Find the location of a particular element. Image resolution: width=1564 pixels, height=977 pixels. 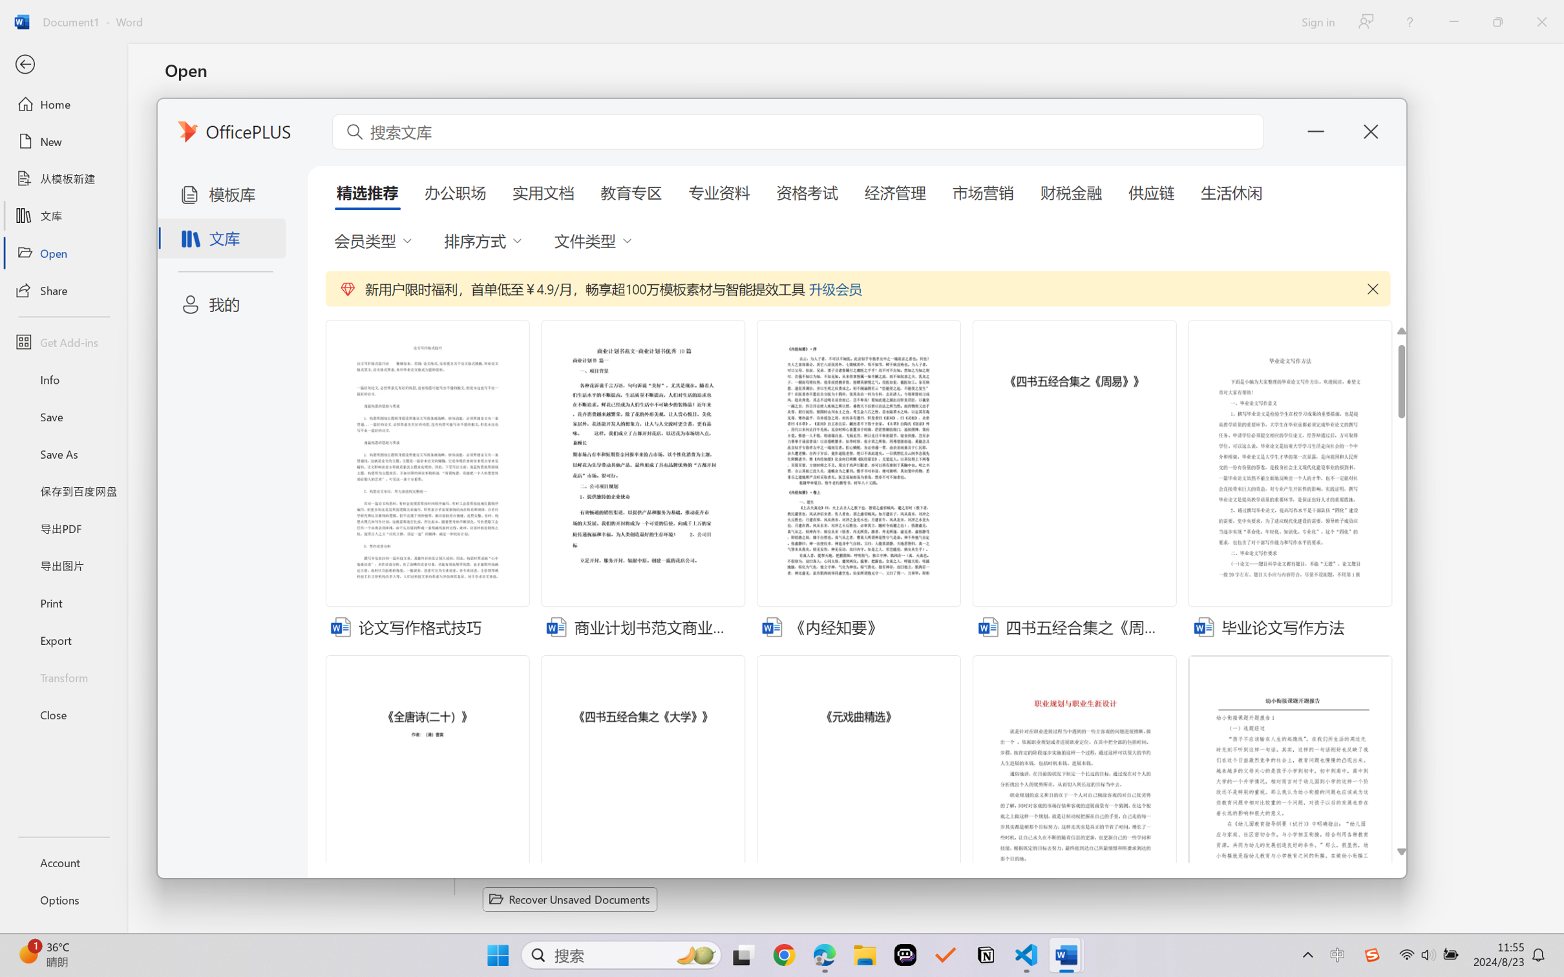

'Account' is located at coordinates (63, 862).